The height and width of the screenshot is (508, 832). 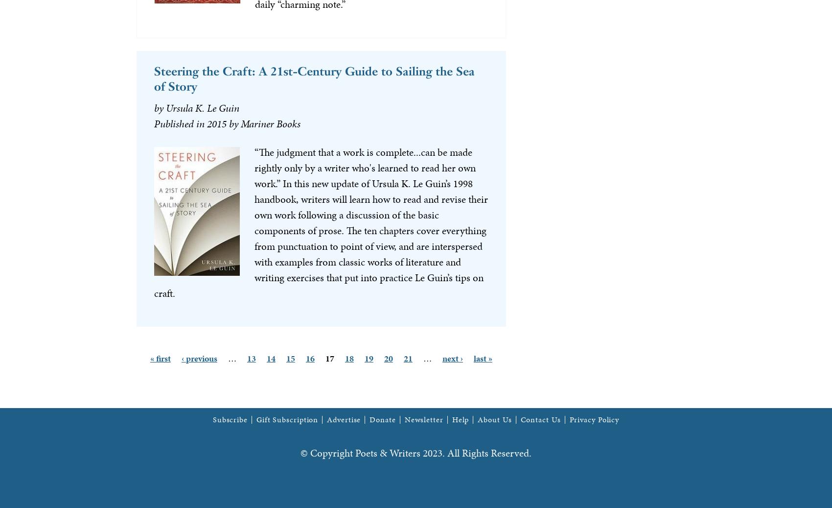 I want to click on 'Newsletter', so click(x=404, y=419).